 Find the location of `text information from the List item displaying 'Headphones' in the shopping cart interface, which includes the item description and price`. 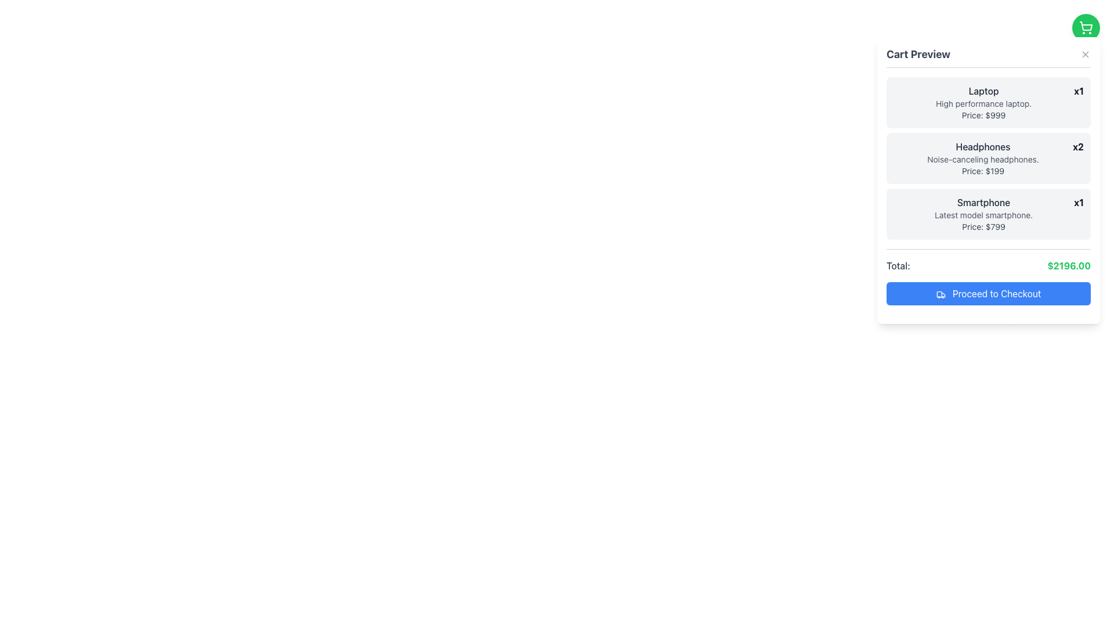

text information from the List item displaying 'Headphones' in the shopping cart interface, which includes the item description and price is located at coordinates (988, 158).